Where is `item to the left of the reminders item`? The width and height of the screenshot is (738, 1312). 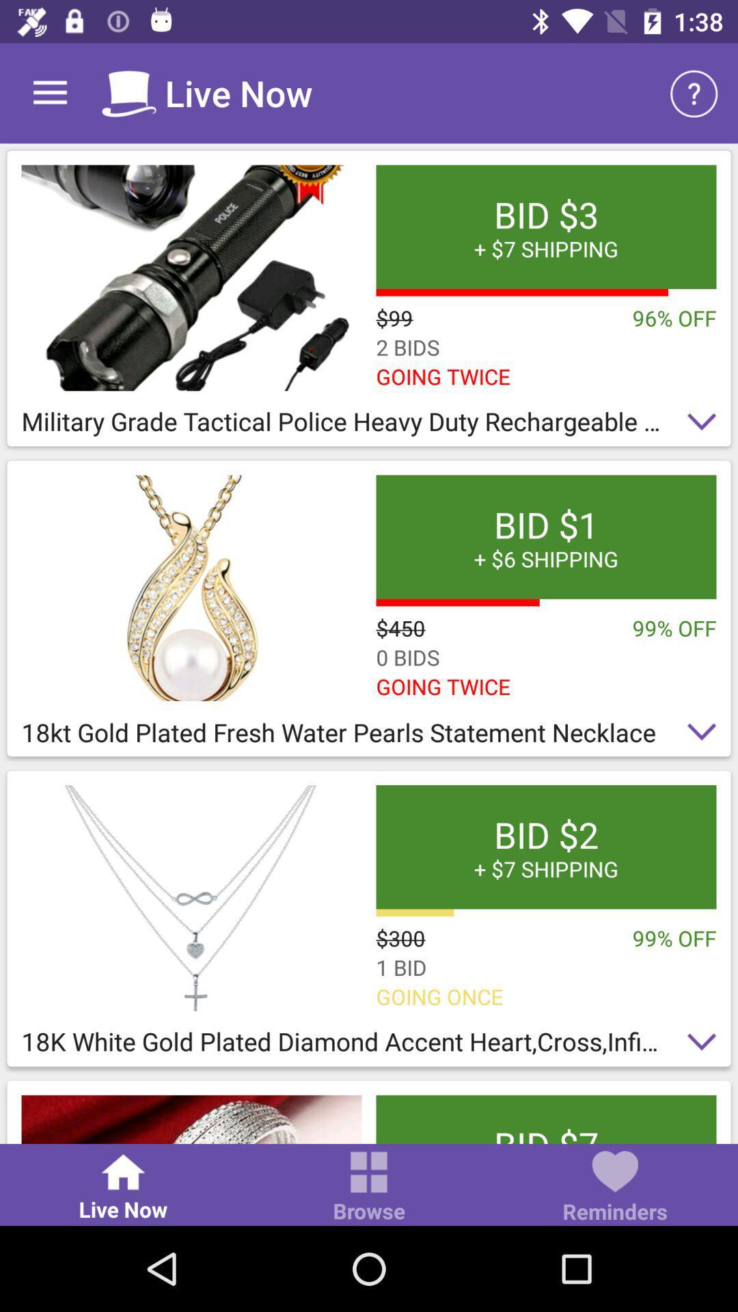 item to the left of the reminders item is located at coordinates (369, 1187).